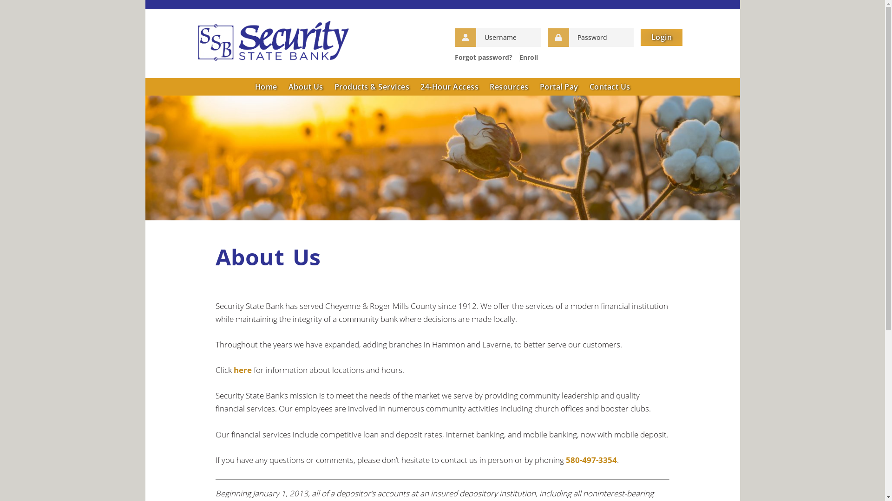  What do you see at coordinates (414, 86) in the screenshot?
I see `'24-Hour Access'` at bounding box center [414, 86].